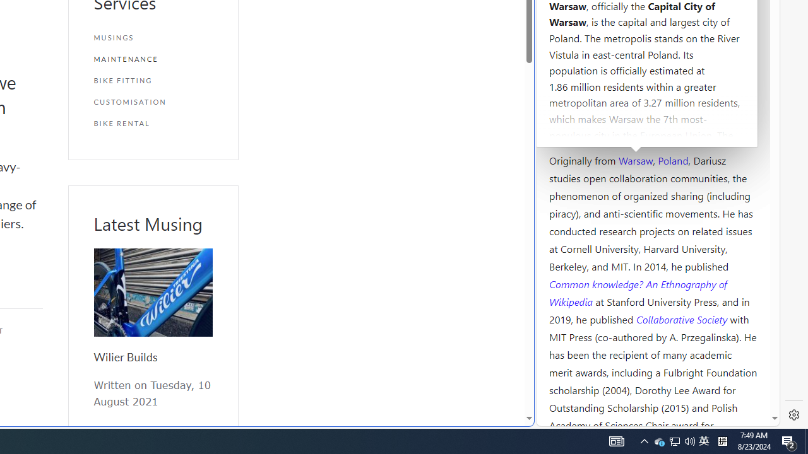 The width and height of the screenshot is (808, 454). What do you see at coordinates (152, 101) in the screenshot?
I see `'CUSTOMISATION'` at bounding box center [152, 101].